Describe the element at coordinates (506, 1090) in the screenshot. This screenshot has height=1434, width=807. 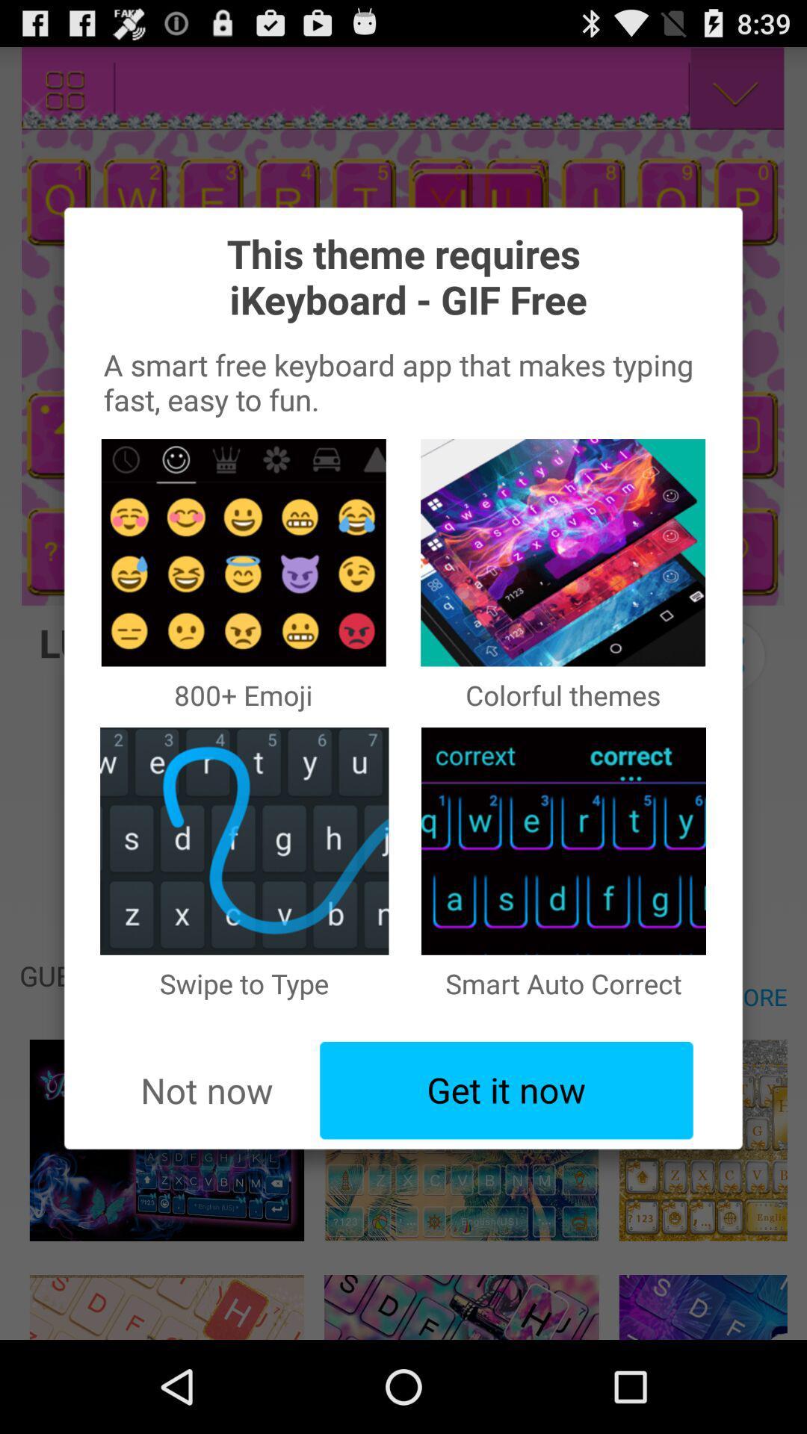
I see `the icon next to the not now item` at that location.